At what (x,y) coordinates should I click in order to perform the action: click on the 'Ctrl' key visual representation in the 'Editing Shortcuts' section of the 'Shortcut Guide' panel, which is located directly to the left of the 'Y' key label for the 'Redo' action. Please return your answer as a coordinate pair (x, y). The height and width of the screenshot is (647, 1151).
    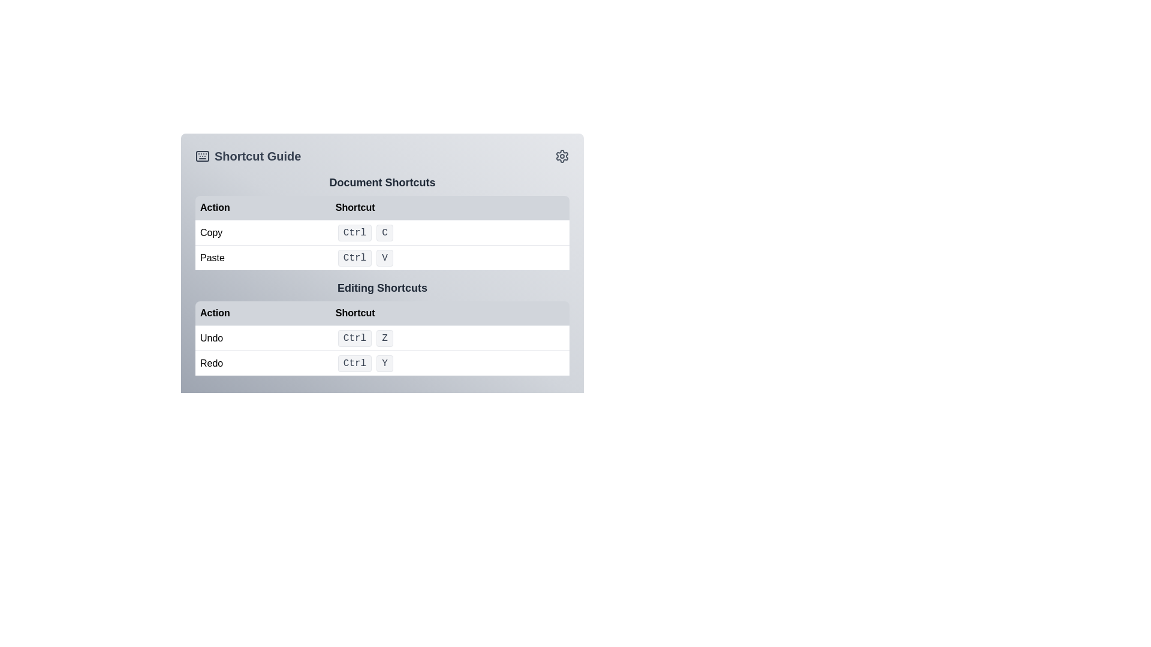
    Looking at the image, I should click on (354, 362).